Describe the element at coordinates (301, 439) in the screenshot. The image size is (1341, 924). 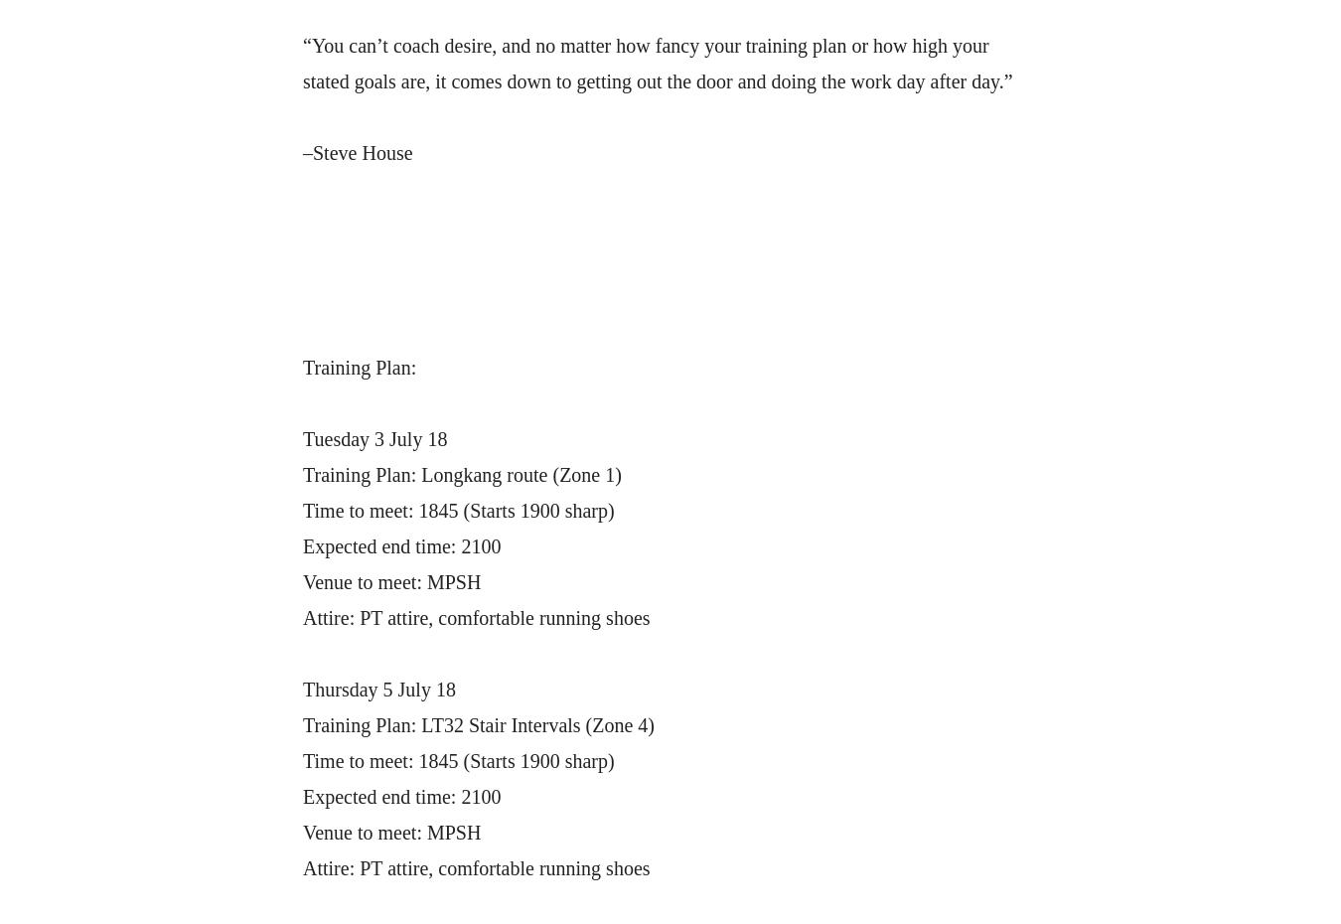
I see `'Tuesday 3 July 18'` at that location.